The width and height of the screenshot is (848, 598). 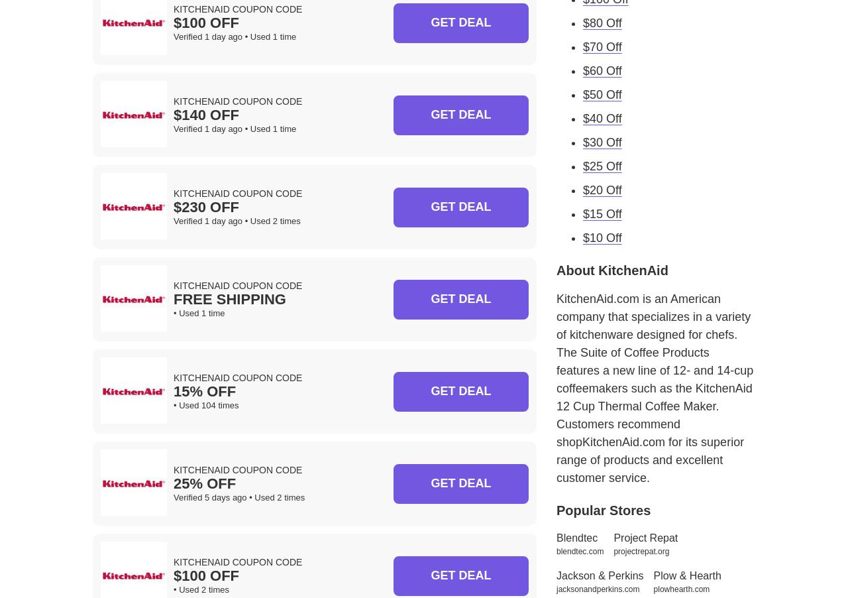 What do you see at coordinates (198, 312) in the screenshot?
I see `'• Used 1 time'` at bounding box center [198, 312].